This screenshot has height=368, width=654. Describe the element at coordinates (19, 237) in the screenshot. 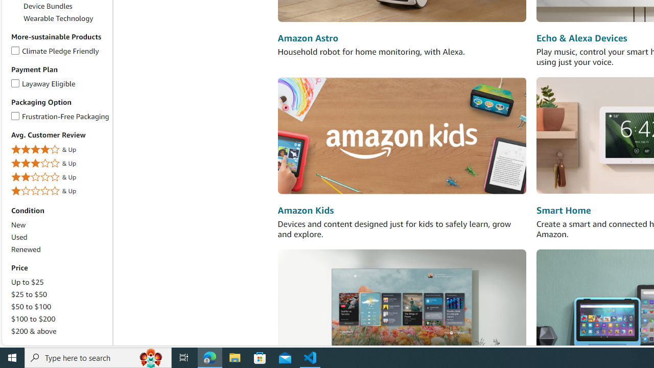

I see `'Used'` at that location.